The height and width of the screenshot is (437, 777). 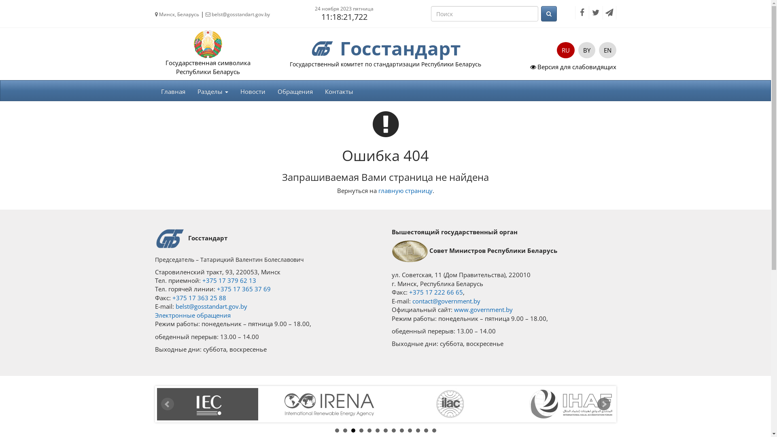 I want to click on 'belst@gosstandart.gov.by', so click(x=237, y=14).